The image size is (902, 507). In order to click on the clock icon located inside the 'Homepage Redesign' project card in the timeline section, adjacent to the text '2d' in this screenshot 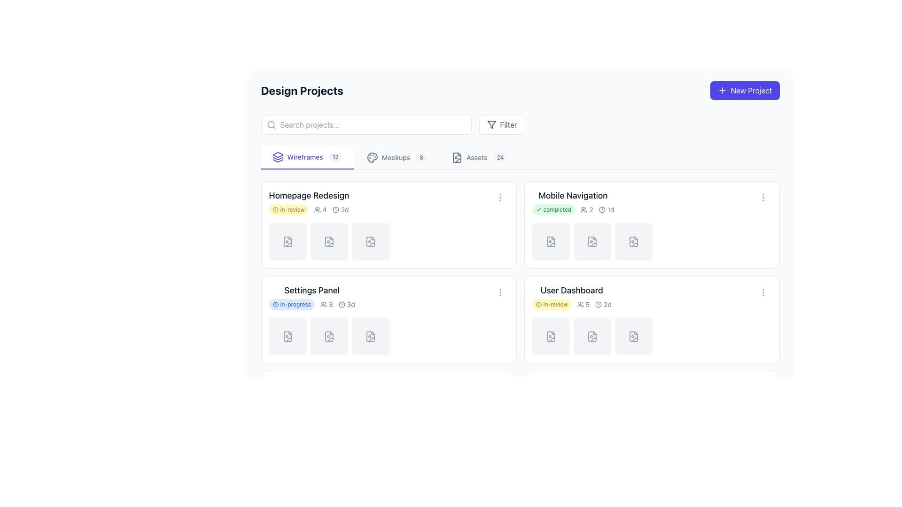, I will do `click(335, 209)`.